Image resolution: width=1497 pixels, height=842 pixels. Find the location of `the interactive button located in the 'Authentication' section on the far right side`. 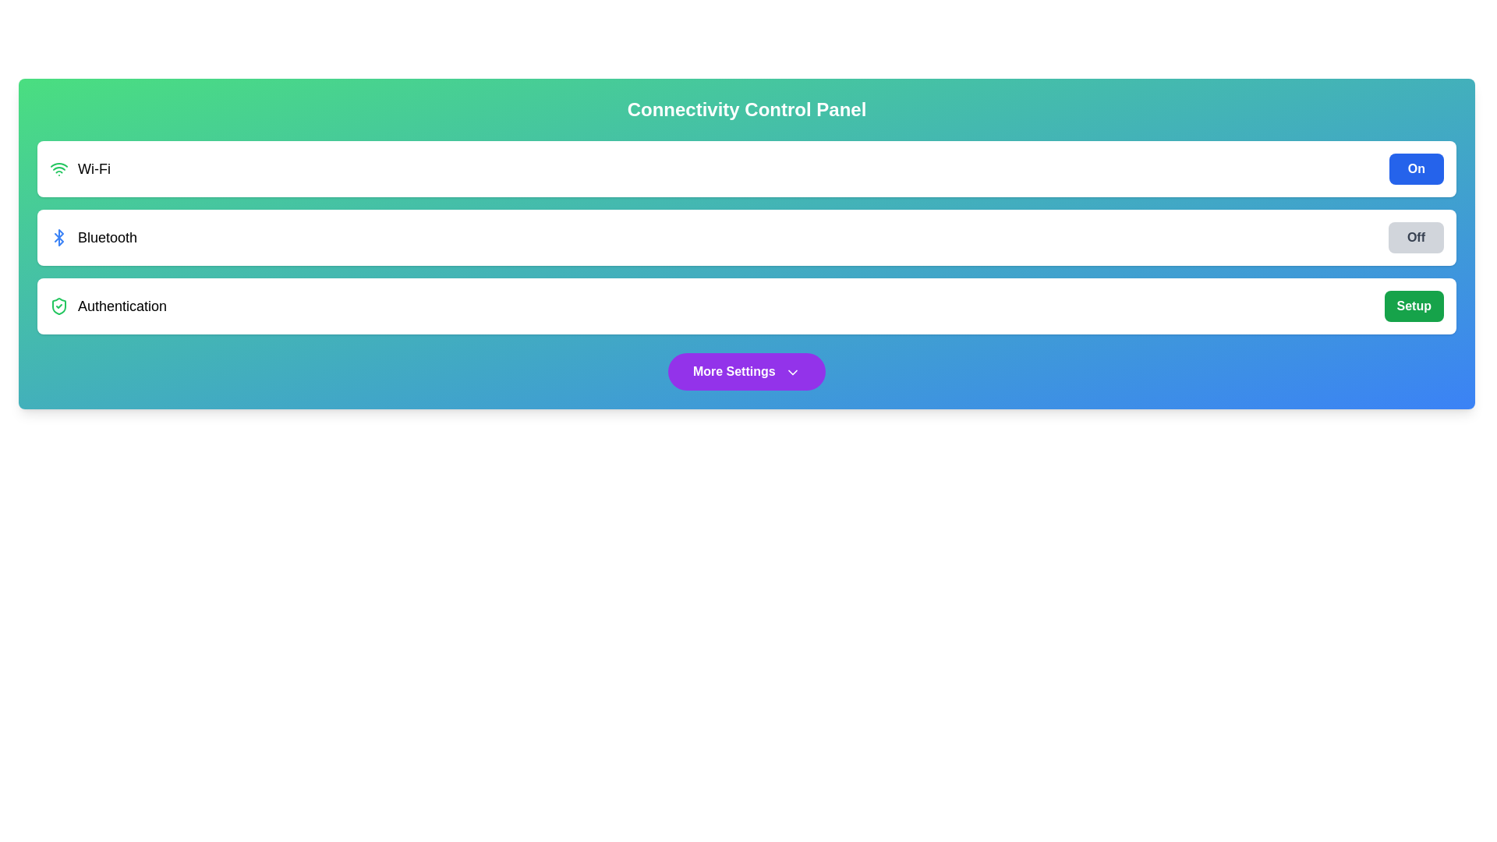

the interactive button located in the 'Authentication' section on the far right side is located at coordinates (1414, 306).